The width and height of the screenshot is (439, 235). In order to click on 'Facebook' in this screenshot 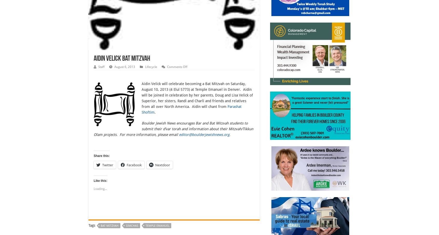, I will do `click(134, 164)`.